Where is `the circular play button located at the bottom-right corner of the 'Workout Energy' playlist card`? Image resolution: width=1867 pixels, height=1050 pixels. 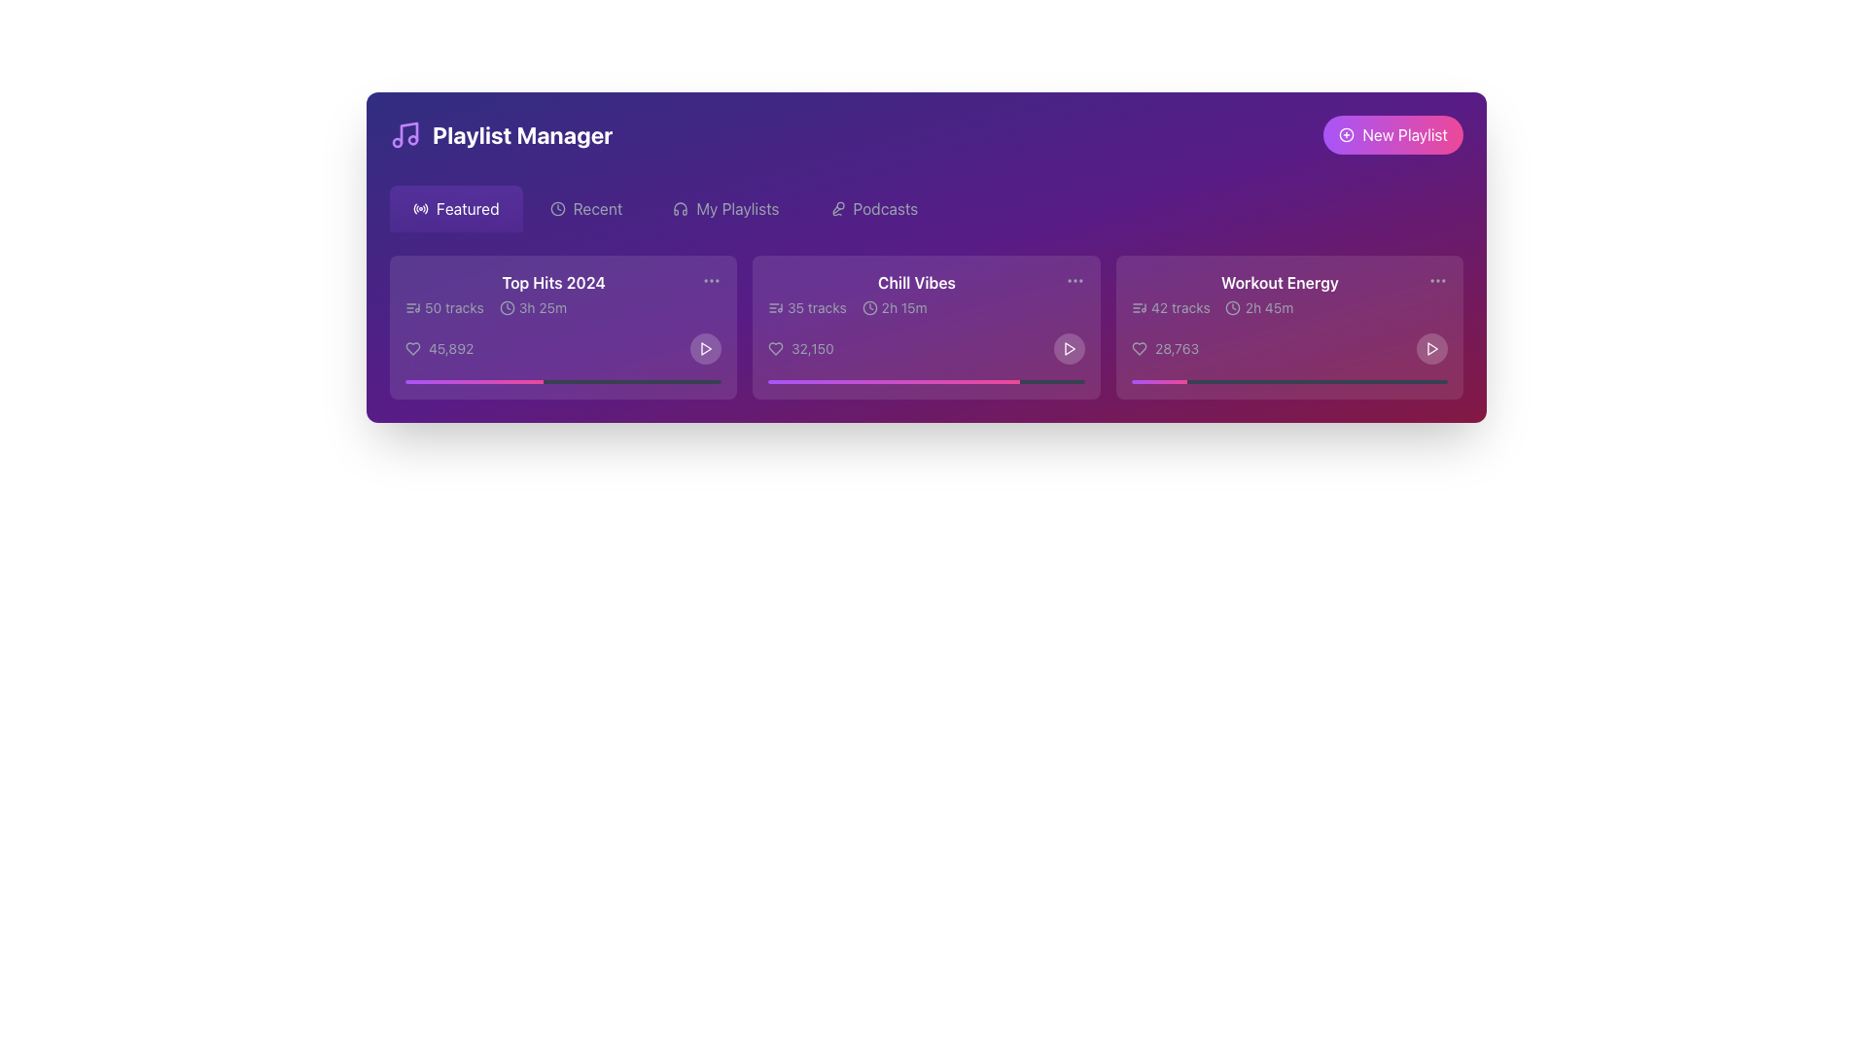
the circular play button located at the bottom-right corner of the 'Workout Energy' playlist card is located at coordinates (1432, 347).